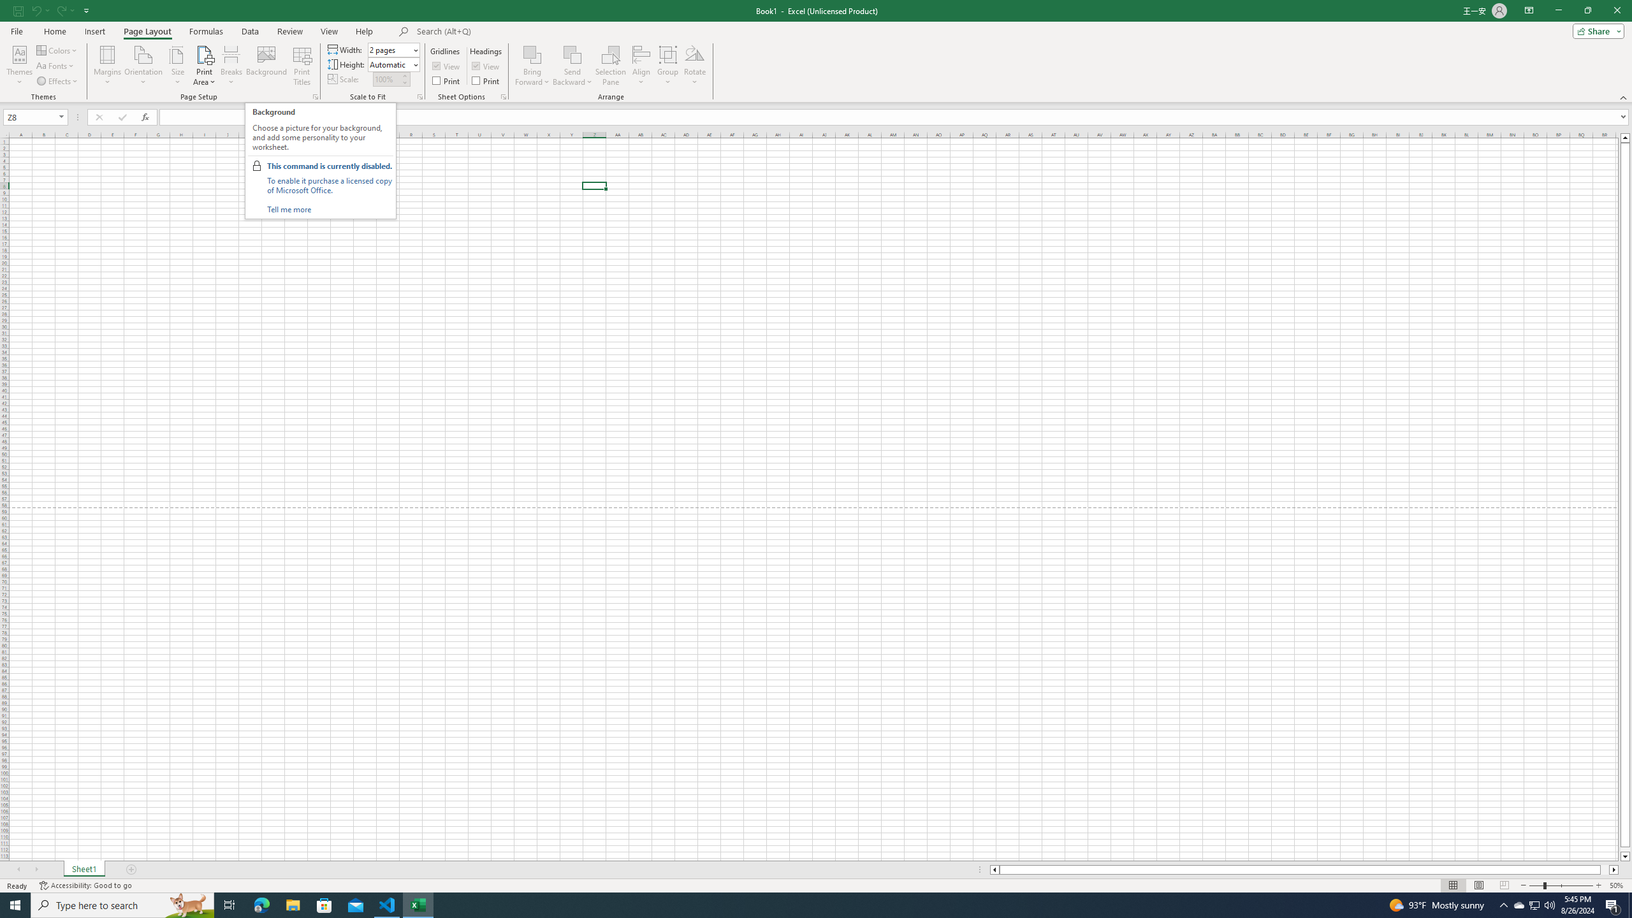  I want to click on 'Align', so click(641, 66).